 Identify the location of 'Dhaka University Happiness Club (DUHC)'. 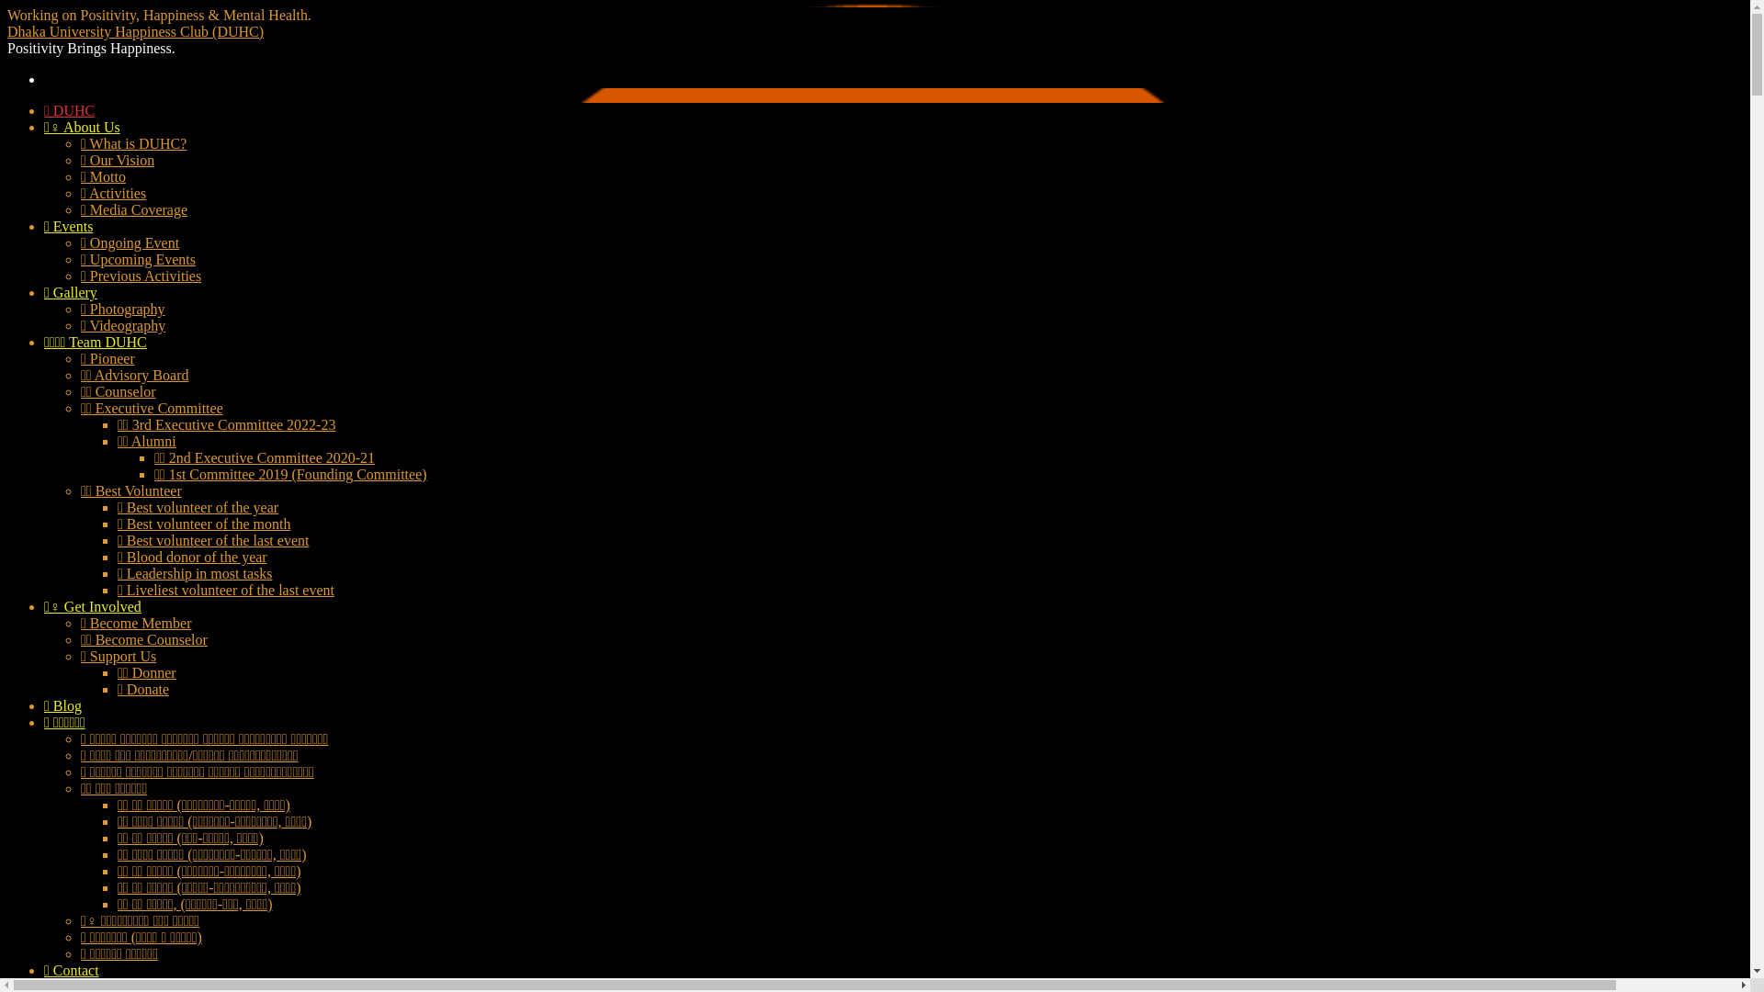
(134, 31).